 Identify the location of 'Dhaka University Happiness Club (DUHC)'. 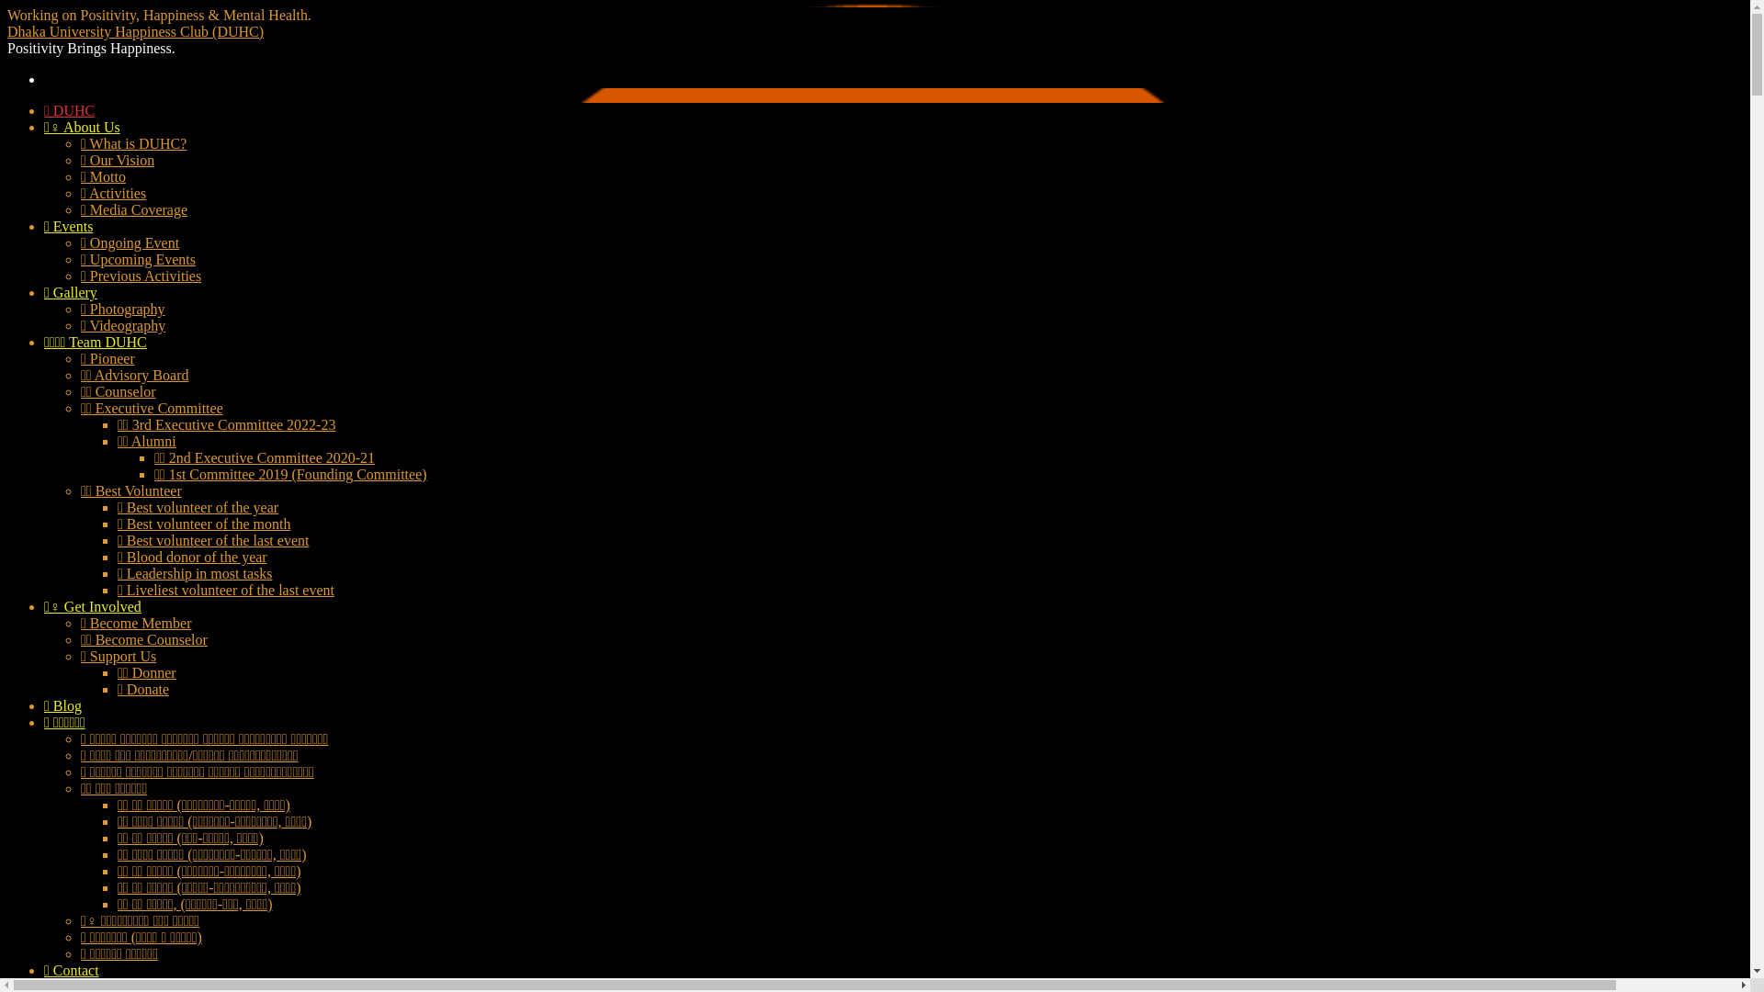
(134, 31).